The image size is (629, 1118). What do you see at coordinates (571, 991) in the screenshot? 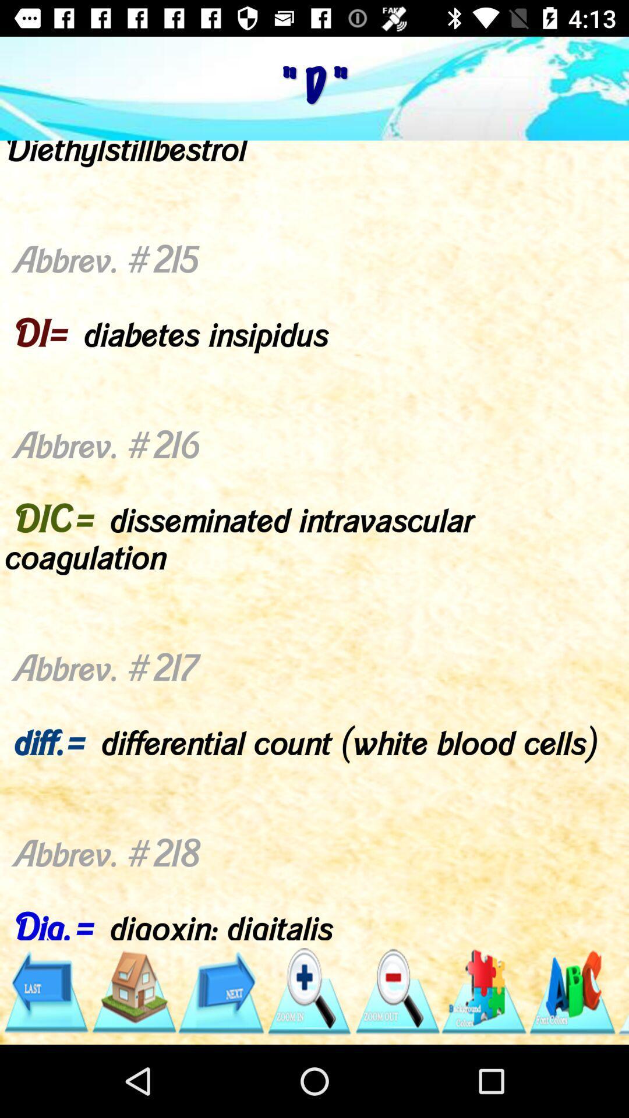
I see `item below abbrev 	209	 	d` at bounding box center [571, 991].